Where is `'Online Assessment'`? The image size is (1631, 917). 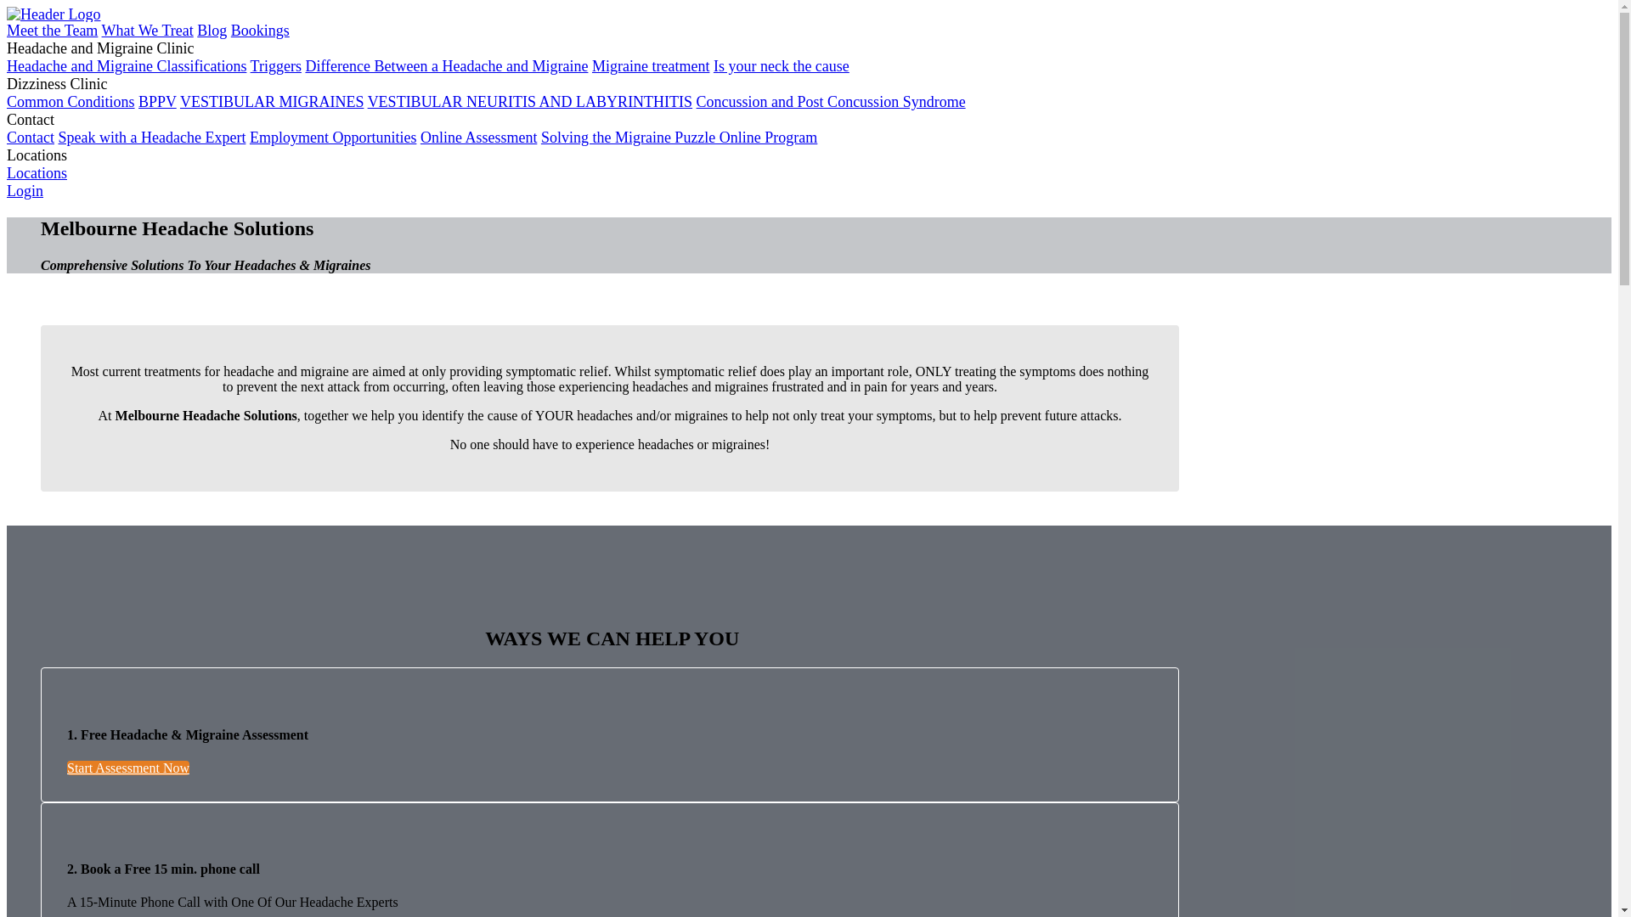
'Online Assessment' is located at coordinates (478, 137).